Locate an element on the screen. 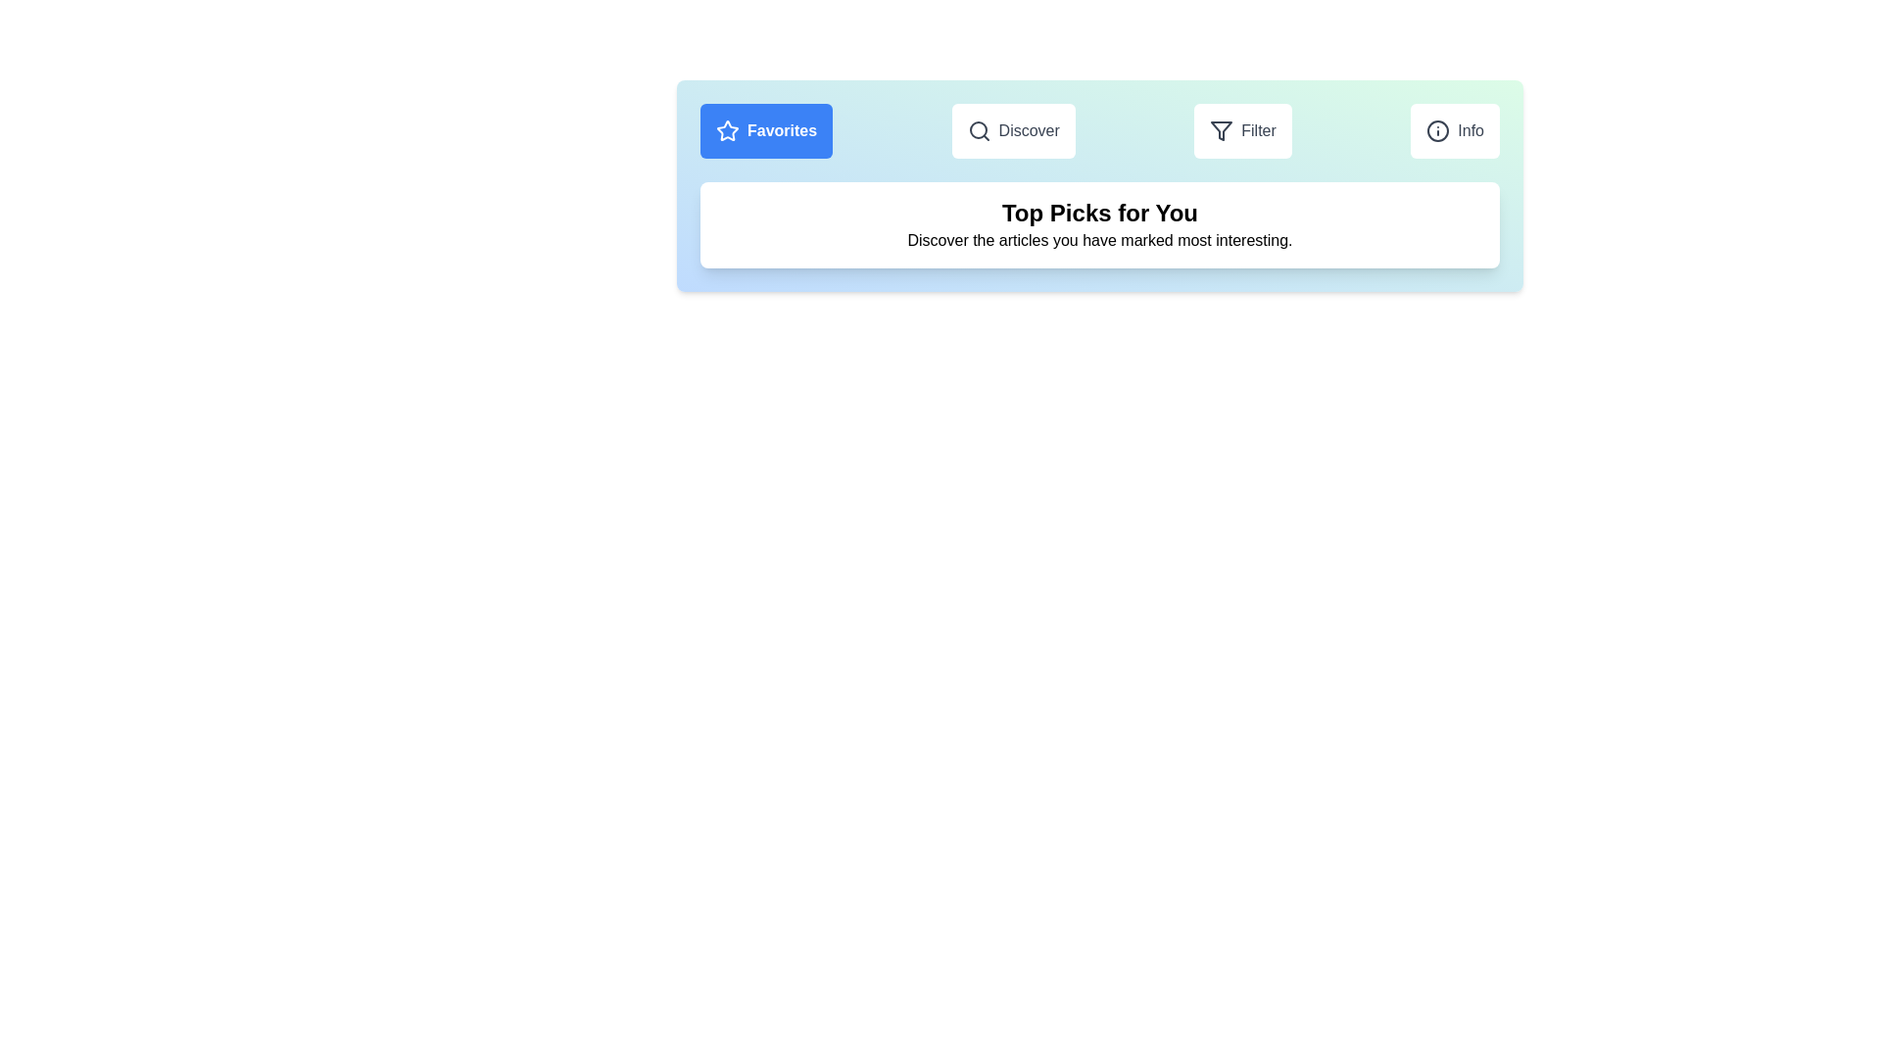 This screenshot has width=1881, height=1058. the Filter tab to view its content is located at coordinates (1242, 131).